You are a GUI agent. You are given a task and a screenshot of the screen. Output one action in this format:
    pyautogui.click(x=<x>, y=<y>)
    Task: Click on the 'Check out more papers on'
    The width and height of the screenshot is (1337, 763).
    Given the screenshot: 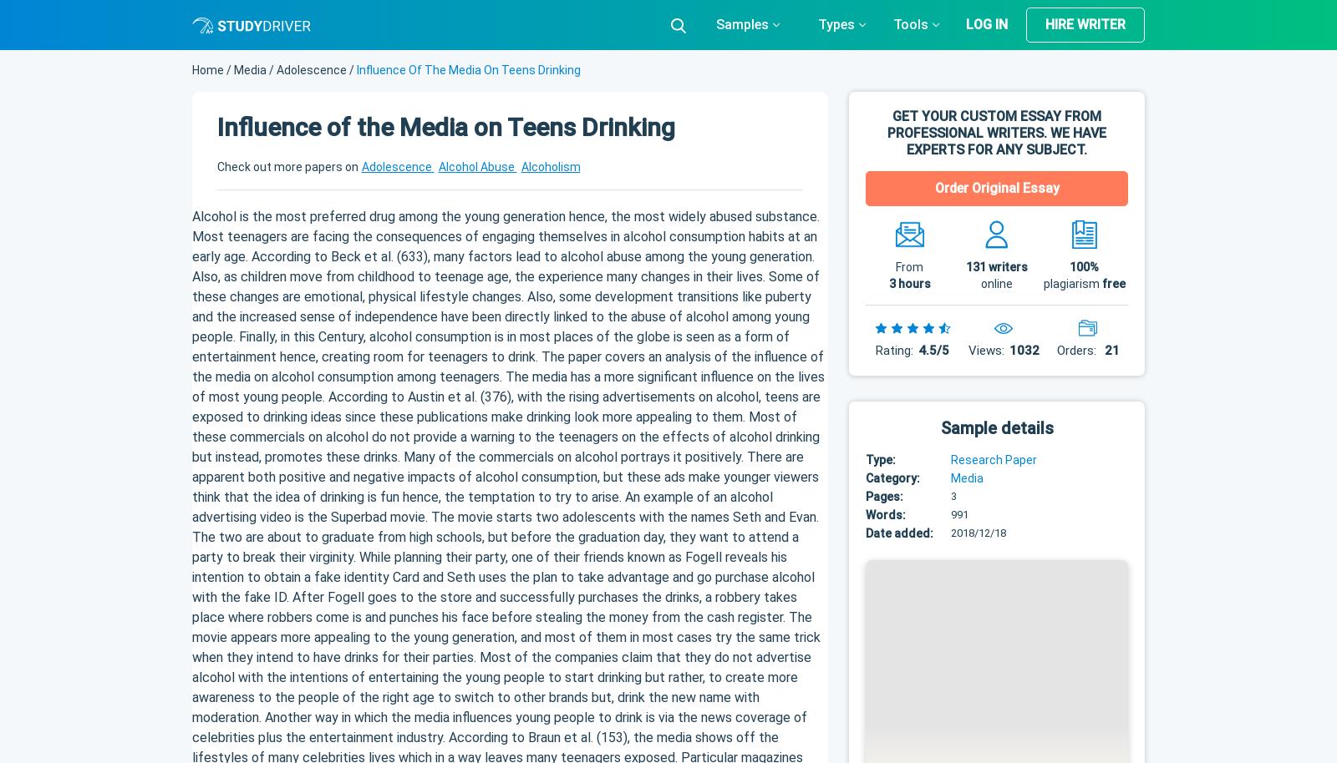 What is the action you would take?
    pyautogui.click(x=287, y=165)
    